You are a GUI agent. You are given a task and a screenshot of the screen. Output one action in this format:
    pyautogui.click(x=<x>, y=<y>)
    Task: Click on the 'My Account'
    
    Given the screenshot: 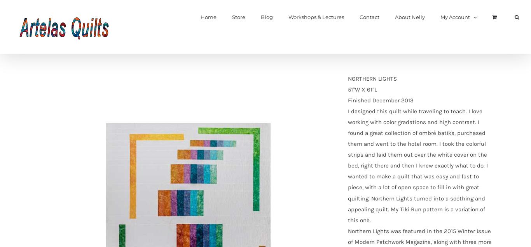 What is the action you would take?
    pyautogui.click(x=455, y=17)
    